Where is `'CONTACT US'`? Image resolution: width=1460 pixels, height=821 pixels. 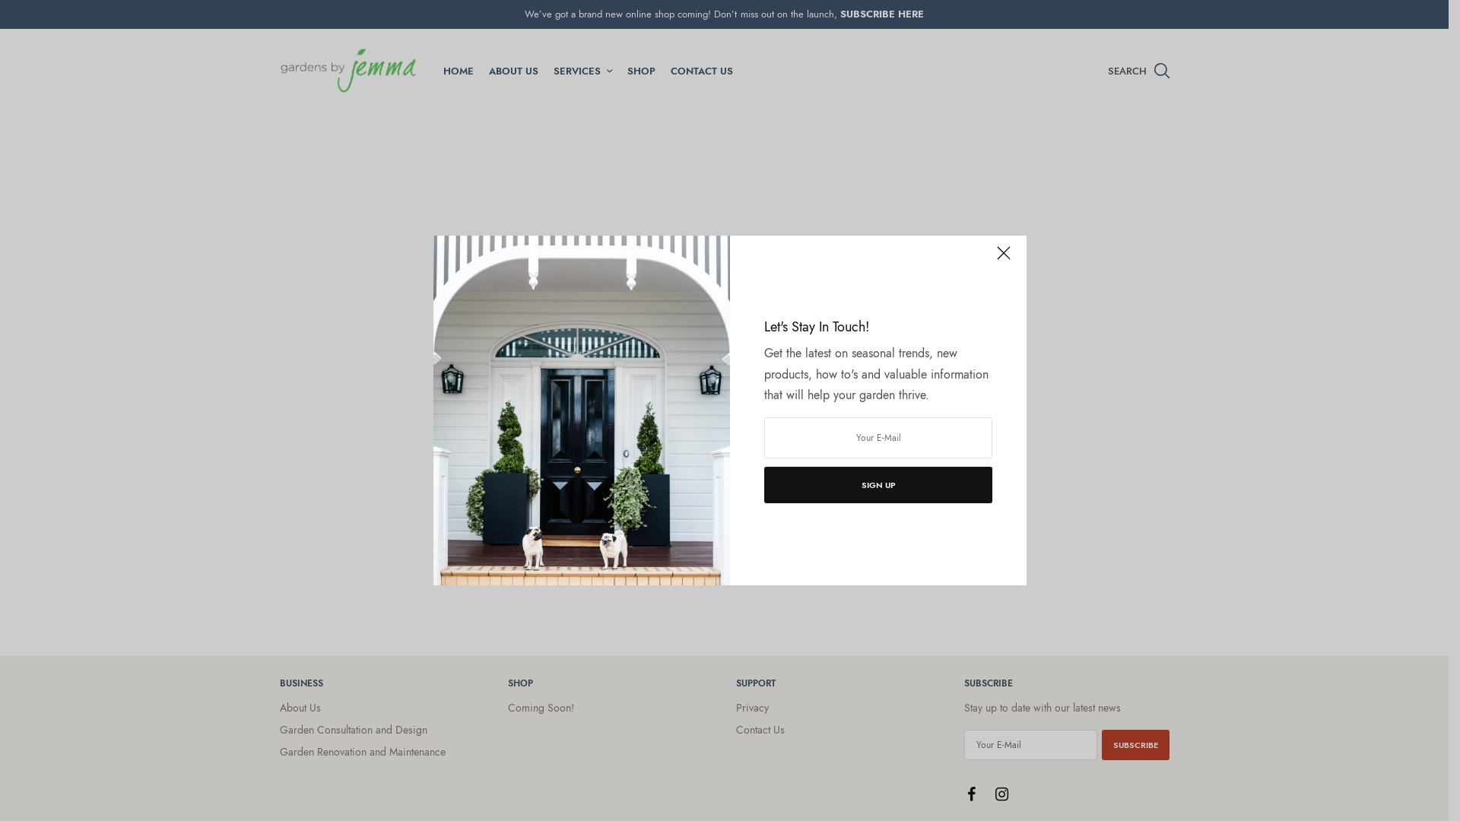 'CONTACT US' is located at coordinates (700, 71).